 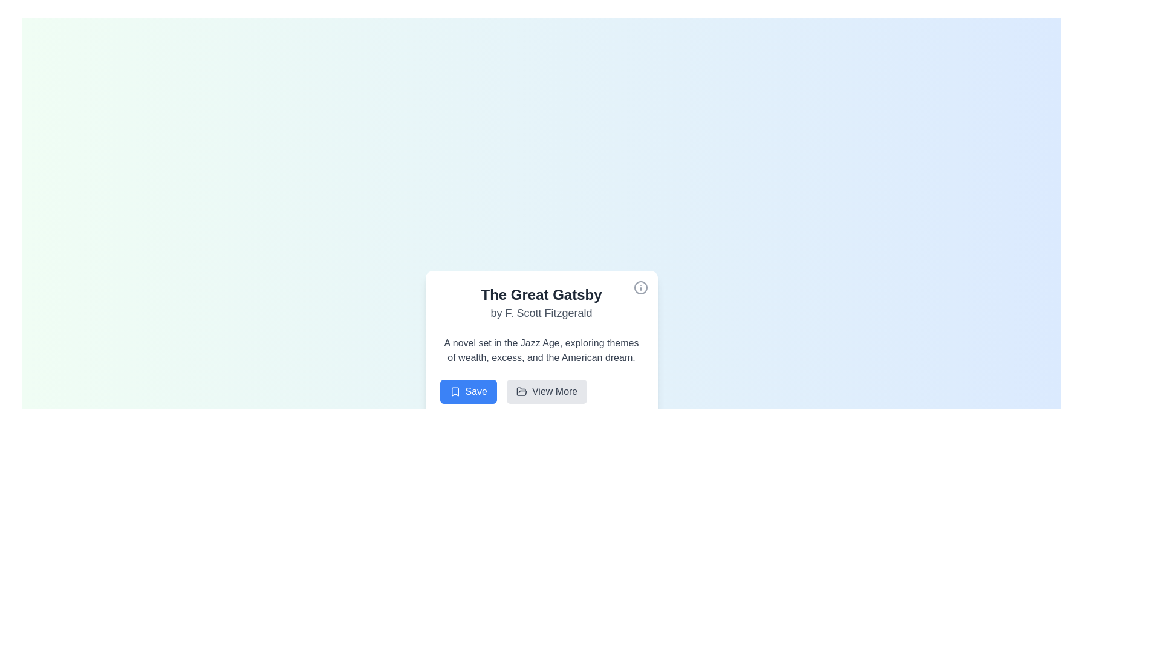 What do you see at coordinates (522, 392) in the screenshot?
I see `the 'View More' icon, which is positioned to the left of the button's text content, to provide a visual cue for navigation` at bounding box center [522, 392].